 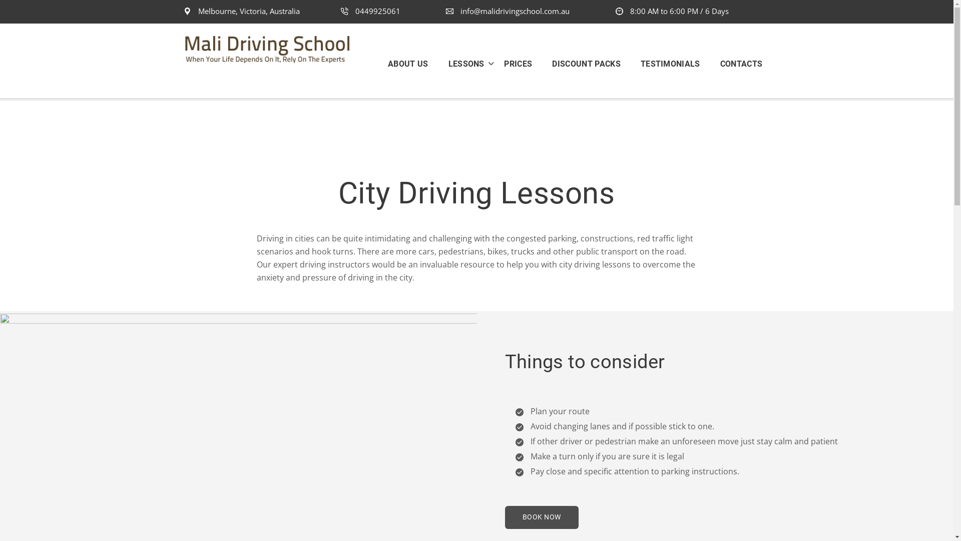 I want to click on 'DISCOUNT PACKS', so click(x=586, y=64).